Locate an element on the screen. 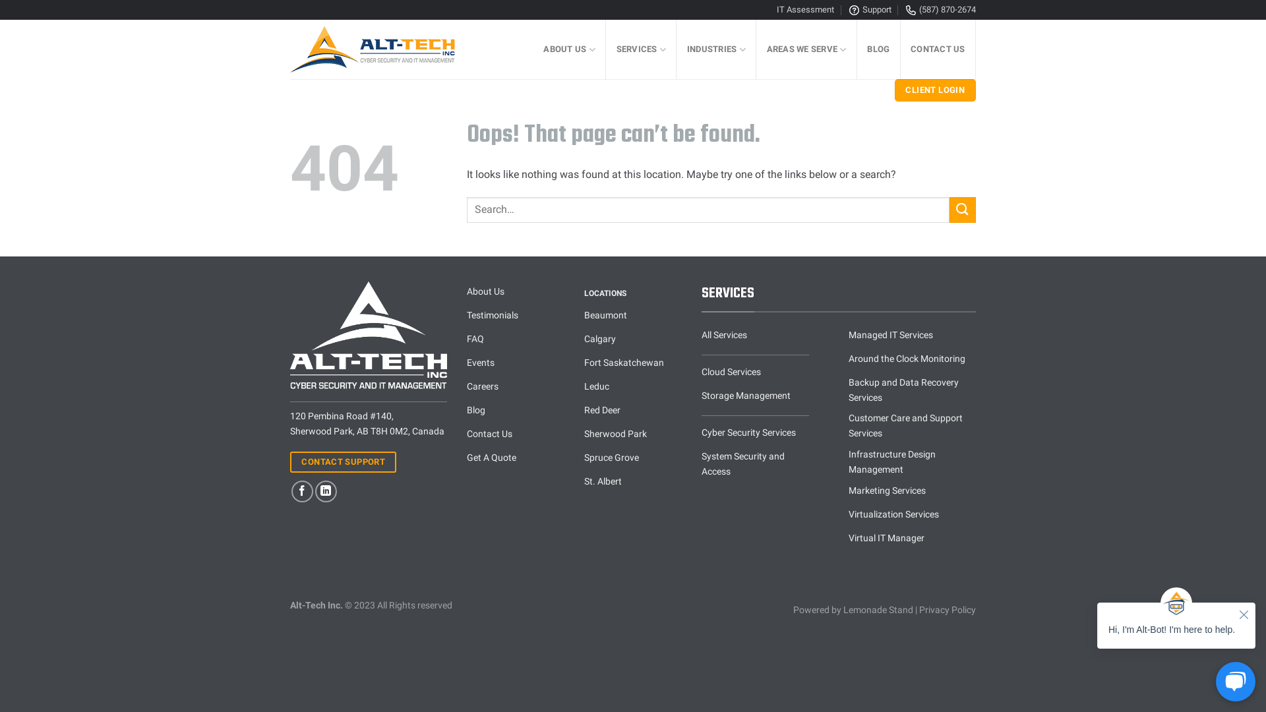  'INDUSTRIES' is located at coordinates (715, 48).